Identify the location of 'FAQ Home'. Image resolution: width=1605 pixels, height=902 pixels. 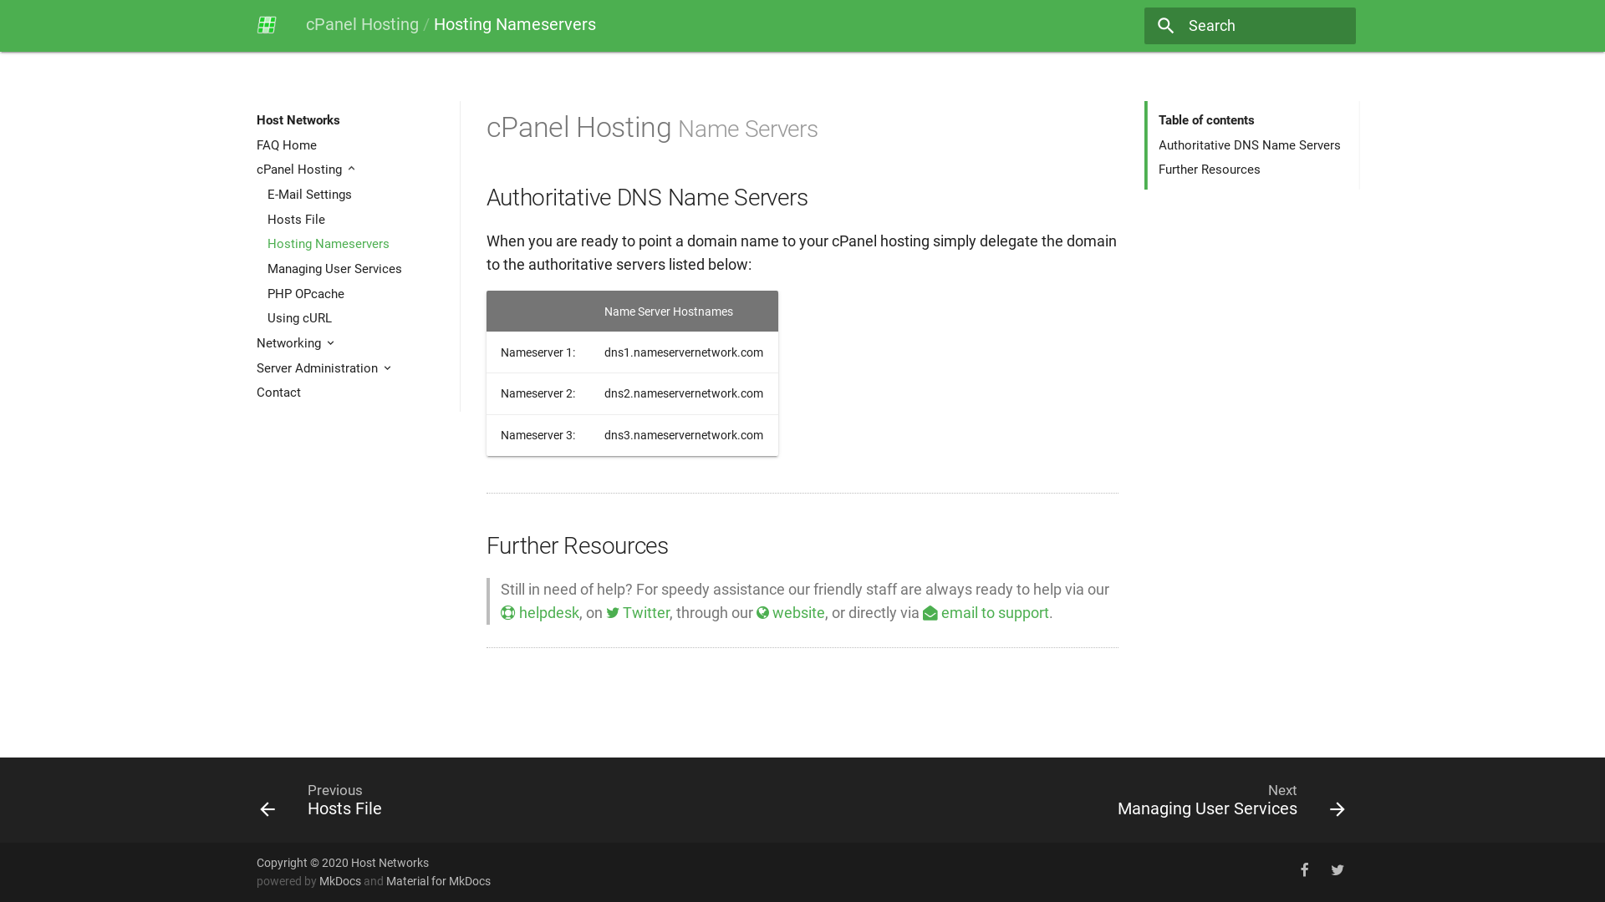
(352, 144).